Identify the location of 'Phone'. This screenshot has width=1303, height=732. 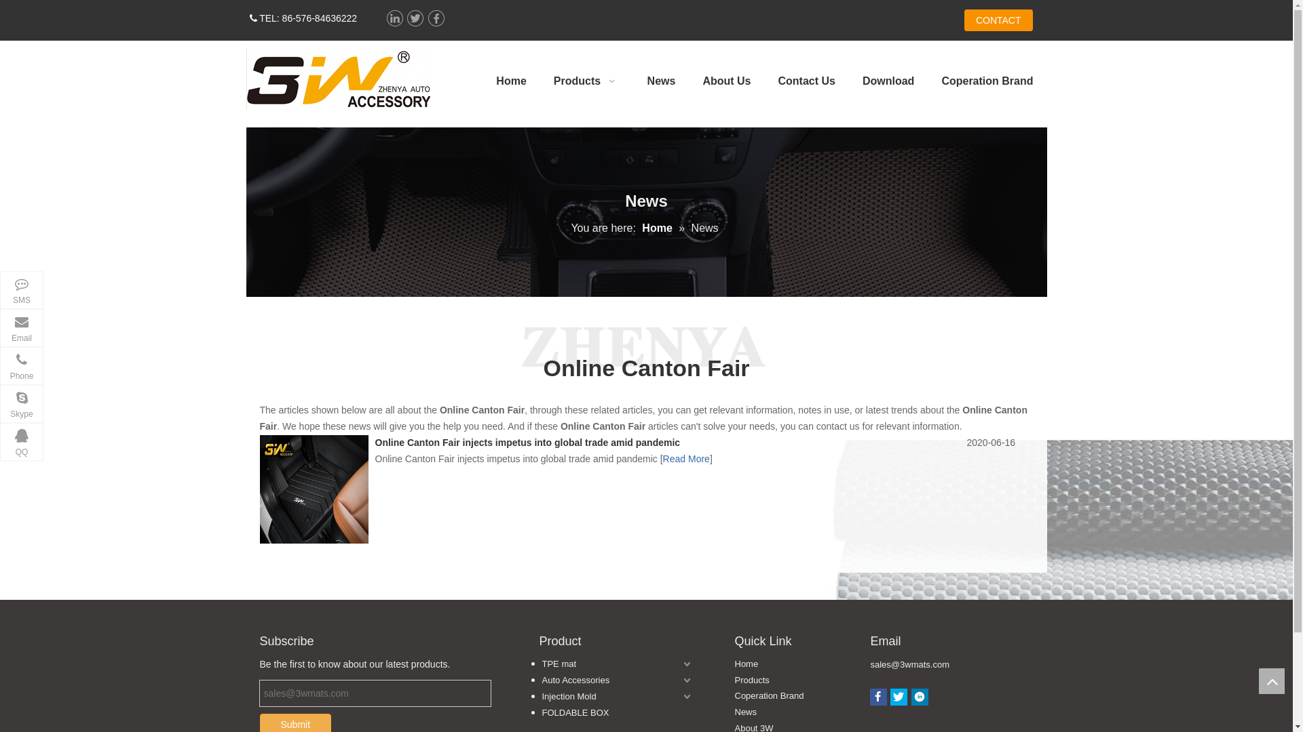
(22, 366).